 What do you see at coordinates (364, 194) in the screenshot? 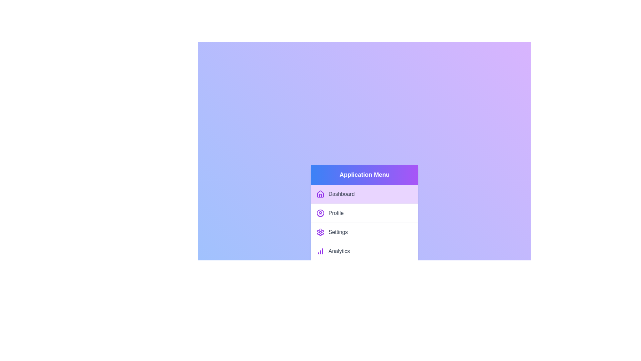
I see `the menu item labeled Dashboard from the list` at bounding box center [364, 194].